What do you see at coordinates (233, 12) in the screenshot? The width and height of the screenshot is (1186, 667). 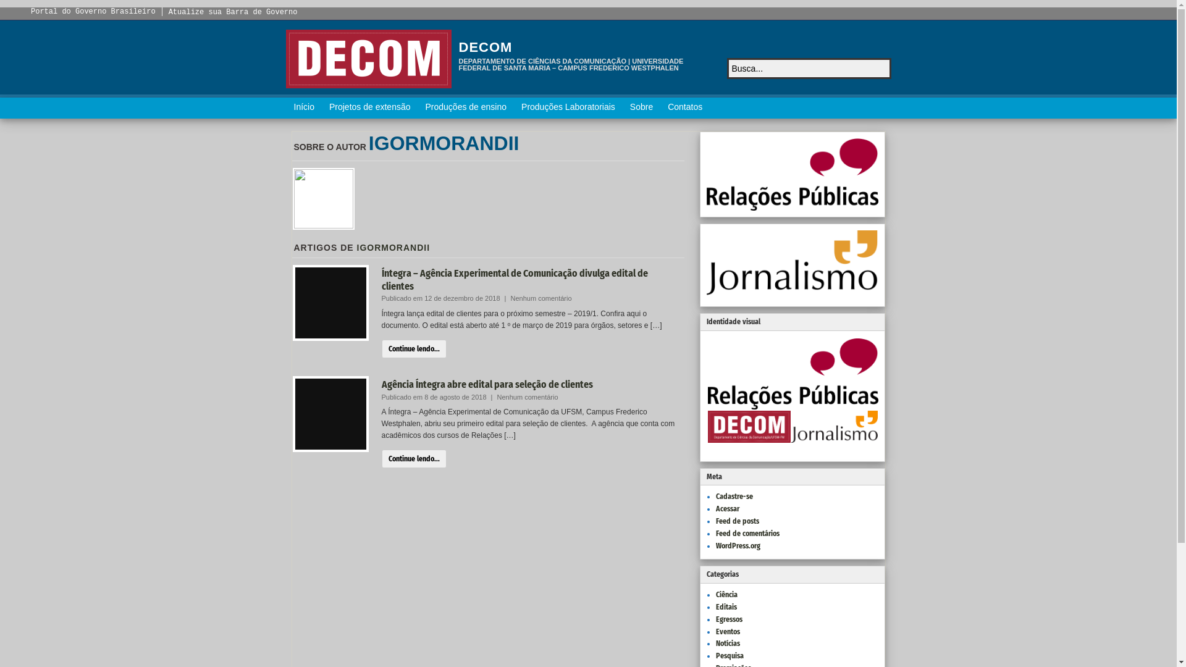 I see `'Atualize sua Barra de Governo'` at bounding box center [233, 12].